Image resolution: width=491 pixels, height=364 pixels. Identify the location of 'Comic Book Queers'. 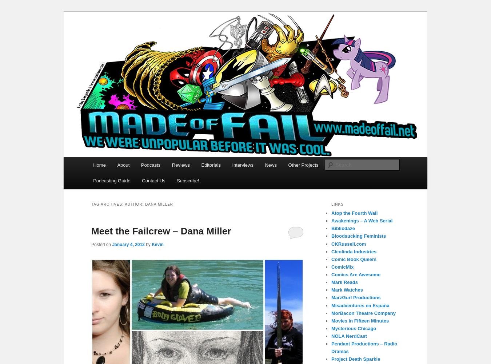
(331, 258).